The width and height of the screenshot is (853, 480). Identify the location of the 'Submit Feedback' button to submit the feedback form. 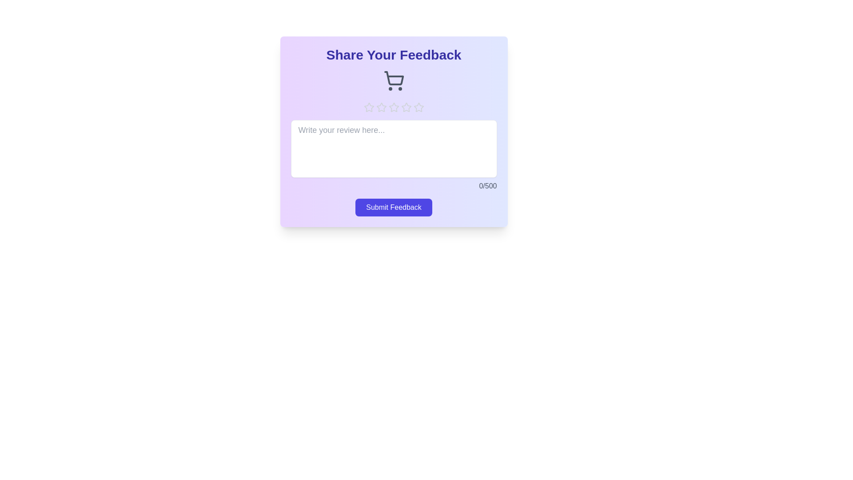
(393, 207).